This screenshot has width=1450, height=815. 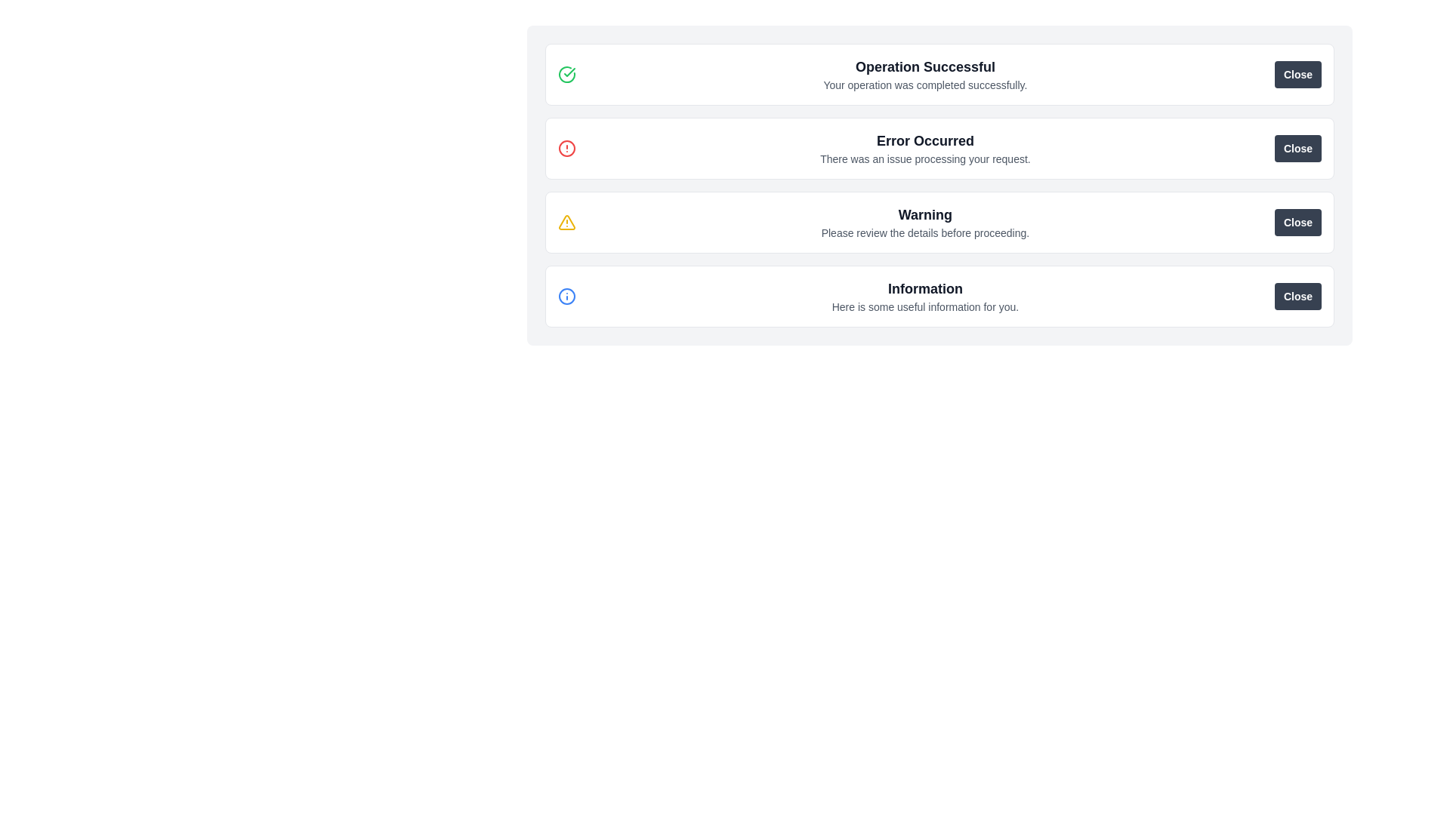 I want to click on the yellow triangular warning icon with a black outline and an exclamation mark inside, which is located to the left of the text 'Warning Please review the details before proceeding.', so click(x=566, y=222).